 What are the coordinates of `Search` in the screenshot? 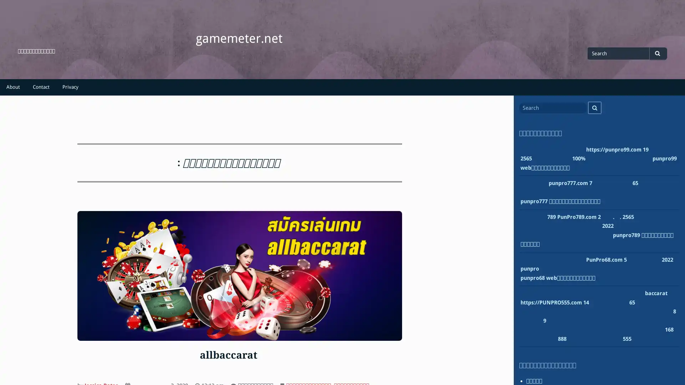 It's located at (594, 107).